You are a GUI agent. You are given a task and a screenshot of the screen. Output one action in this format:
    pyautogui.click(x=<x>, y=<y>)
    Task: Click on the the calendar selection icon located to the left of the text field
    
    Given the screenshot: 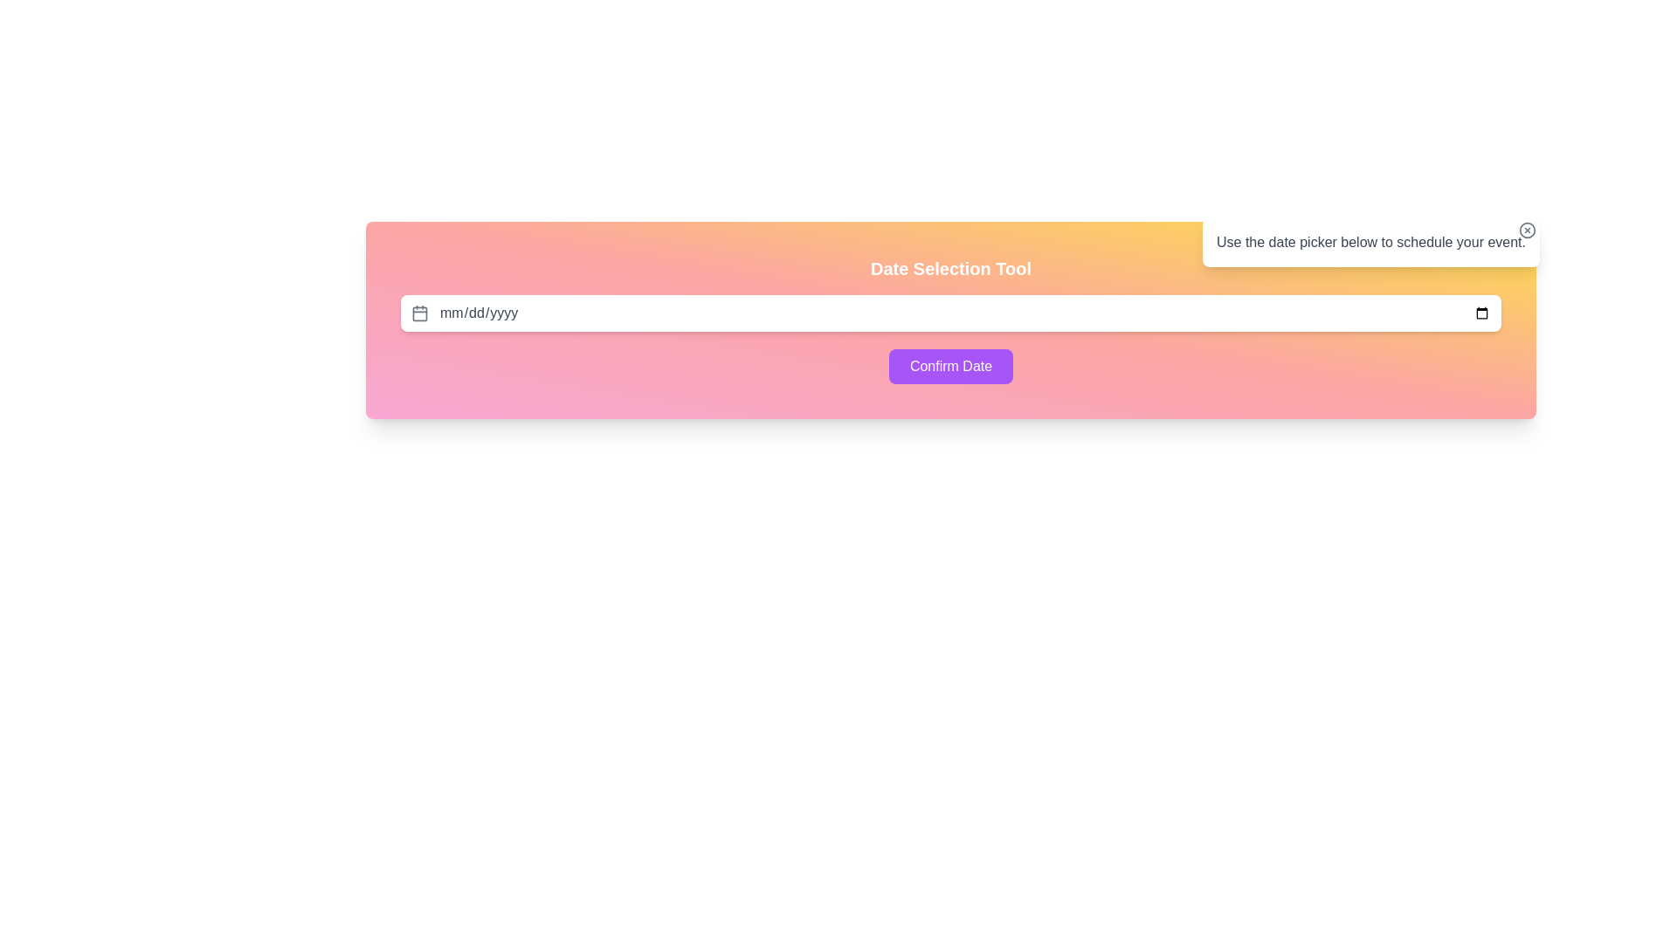 What is the action you would take?
    pyautogui.click(x=419, y=312)
    